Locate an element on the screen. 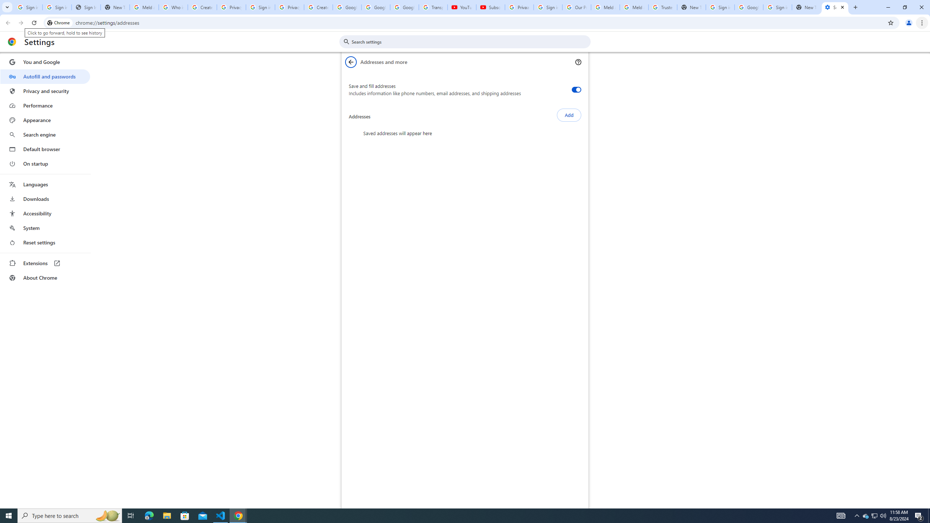 The height and width of the screenshot is (523, 930). 'Downloads' is located at coordinates (45, 199).